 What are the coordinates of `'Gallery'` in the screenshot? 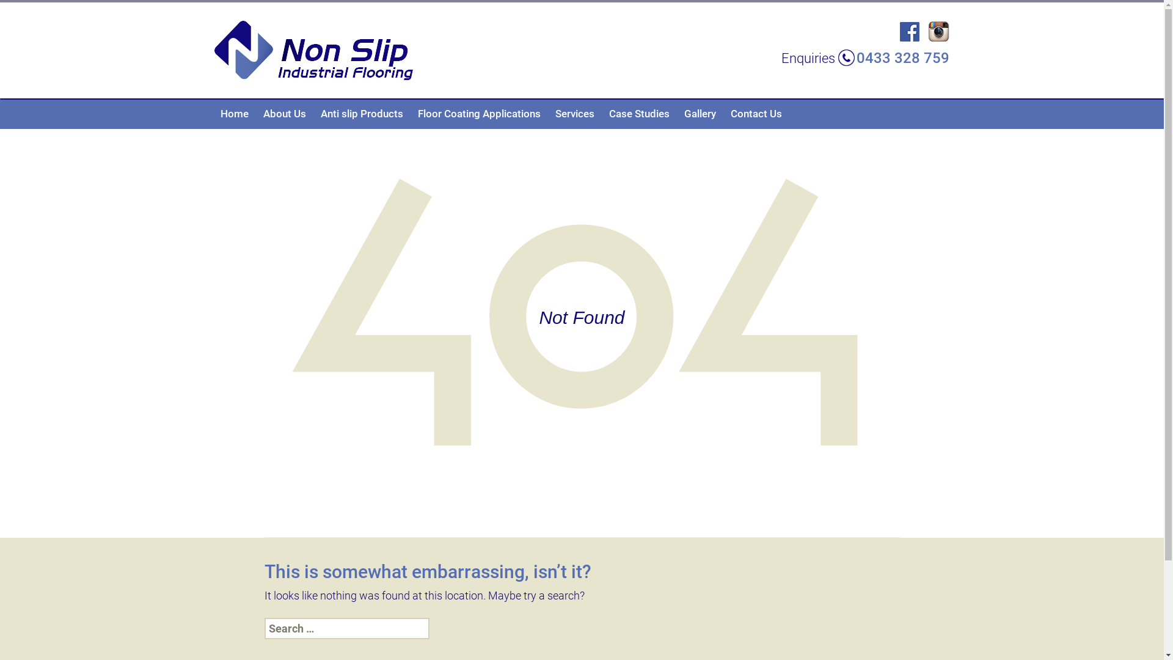 It's located at (677, 114).